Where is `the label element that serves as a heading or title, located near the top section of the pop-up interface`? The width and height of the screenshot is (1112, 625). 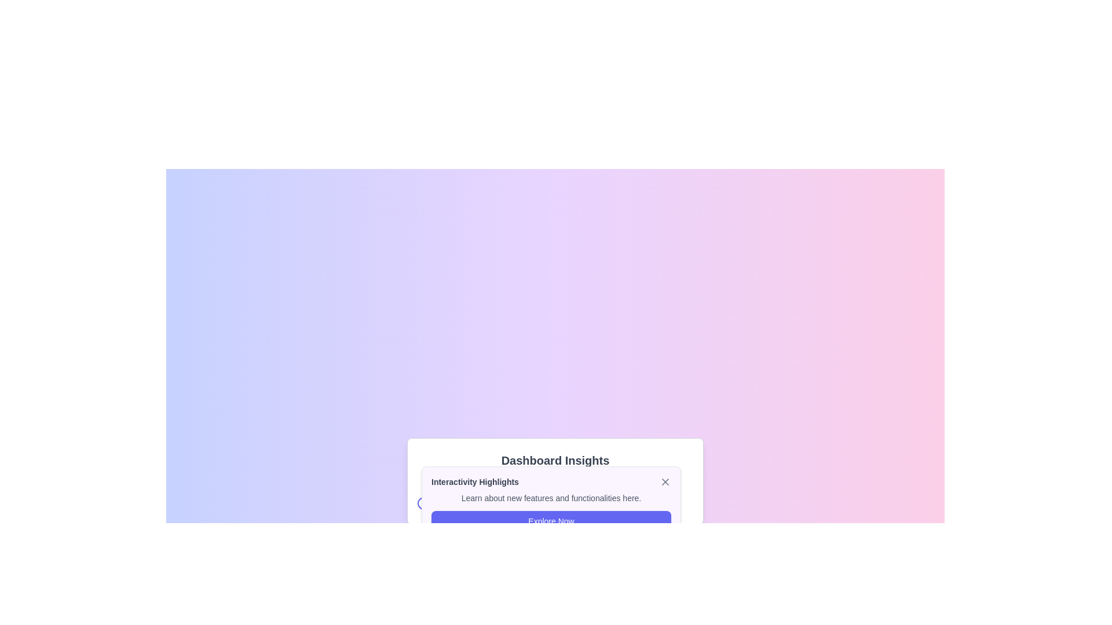
the label element that serves as a heading or title, located near the top section of the pop-up interface is located at coordinates (475, 482).